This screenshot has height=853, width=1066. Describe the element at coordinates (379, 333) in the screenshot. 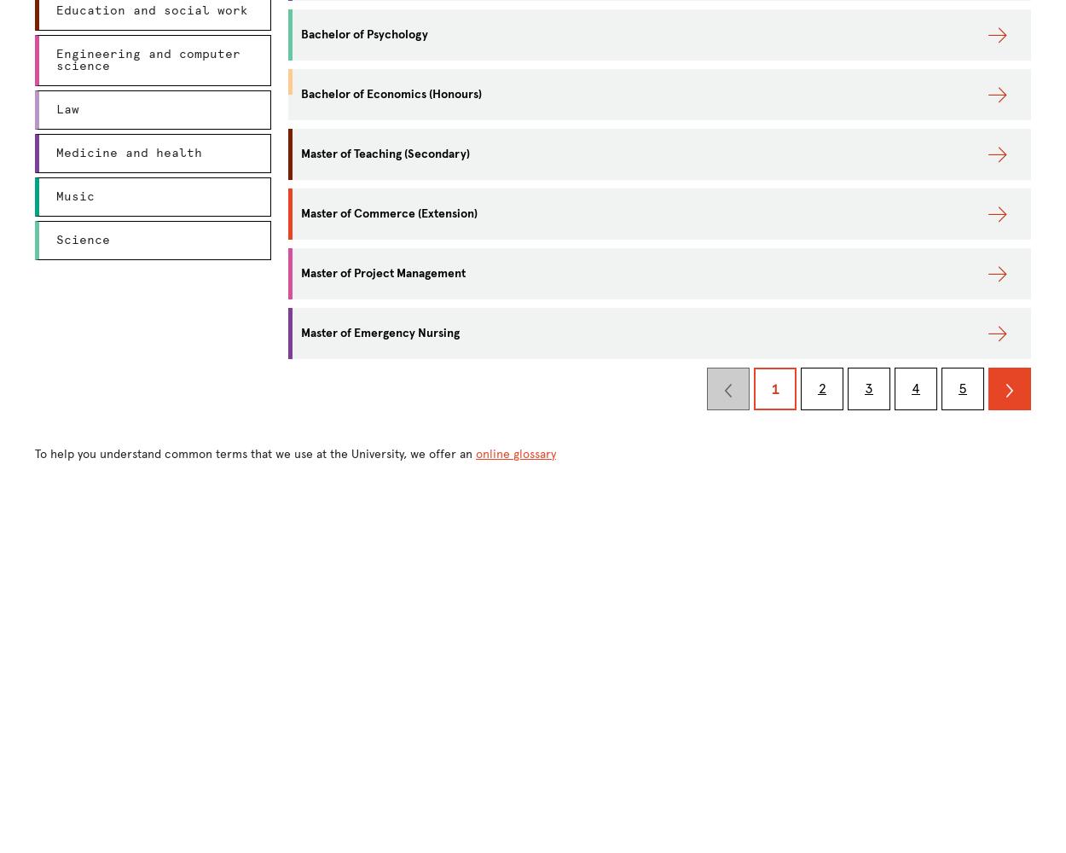

I see `'Master of Emergency Nursing'` at that location.